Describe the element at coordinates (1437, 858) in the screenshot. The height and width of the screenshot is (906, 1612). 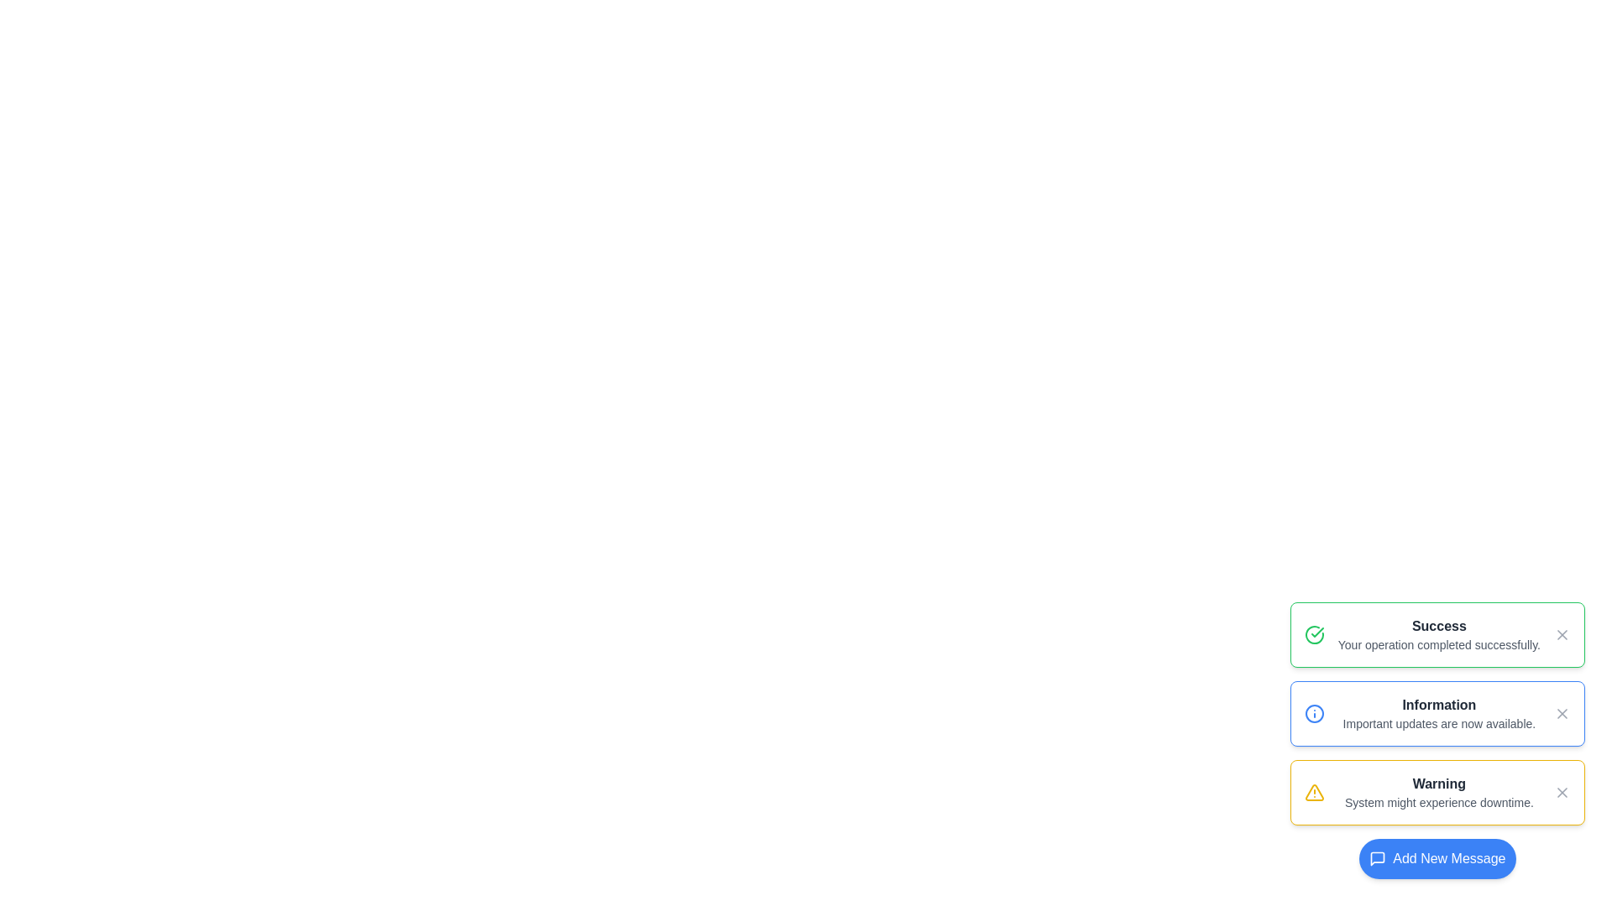
I see `the button located at the bottom-right of the interface that triggers the messaging interface, positioned beneath the 'Warning' message notification` at that location.